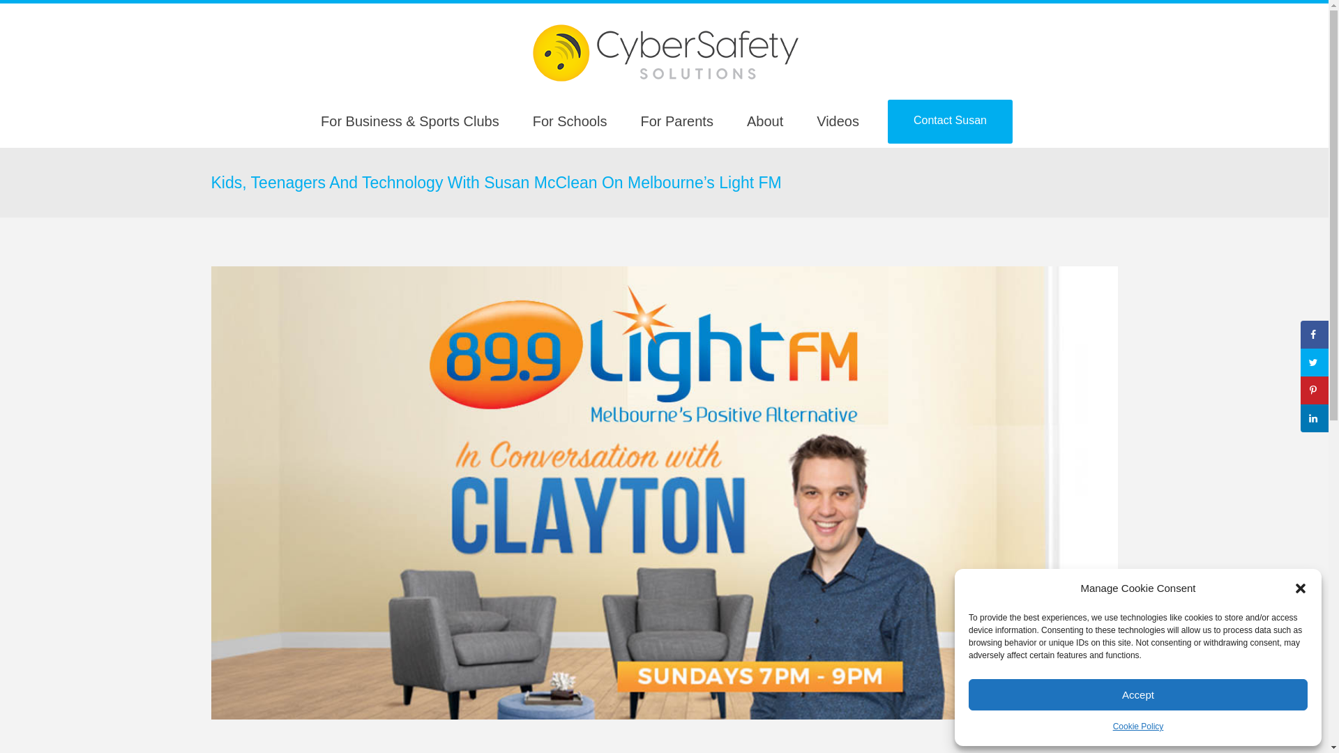  What do you see at coordinates (303, 121) in the screenshot?
I see `'For Business & Sports Clubs'` at bounding box center [303, 121].